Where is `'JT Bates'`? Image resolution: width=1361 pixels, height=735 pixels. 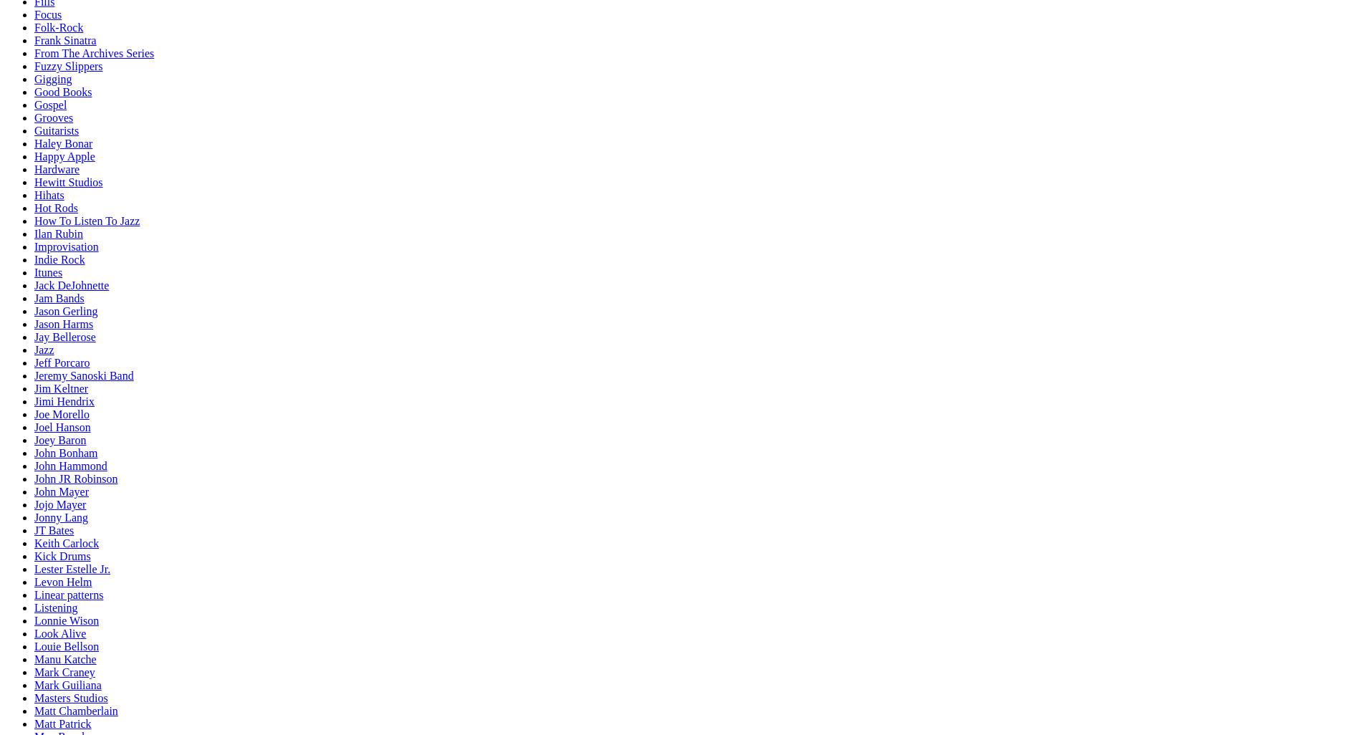
'JT Bates' is located at coordinates (54, 530).